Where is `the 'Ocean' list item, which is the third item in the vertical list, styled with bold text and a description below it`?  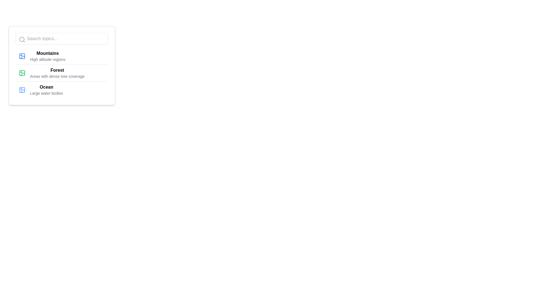 the 'Ocean' list item, which is the third item in the vertical list, styled with bold text and a description below it is located at coordinates (46, 89).